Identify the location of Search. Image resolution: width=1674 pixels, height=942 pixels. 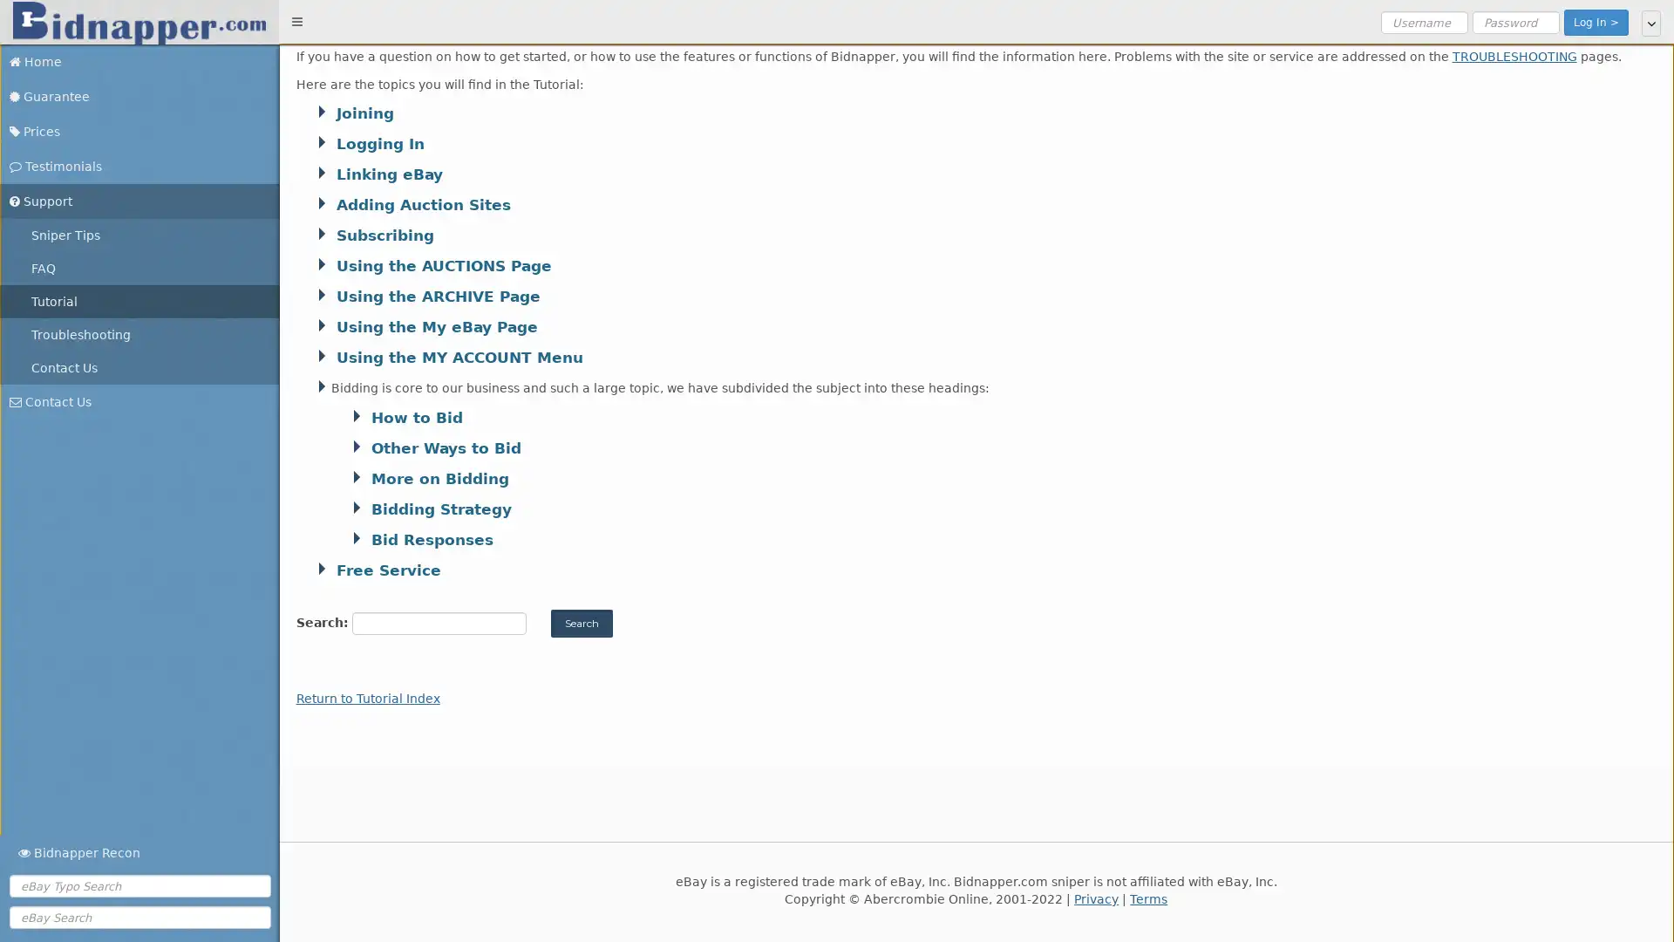
(581, 622).